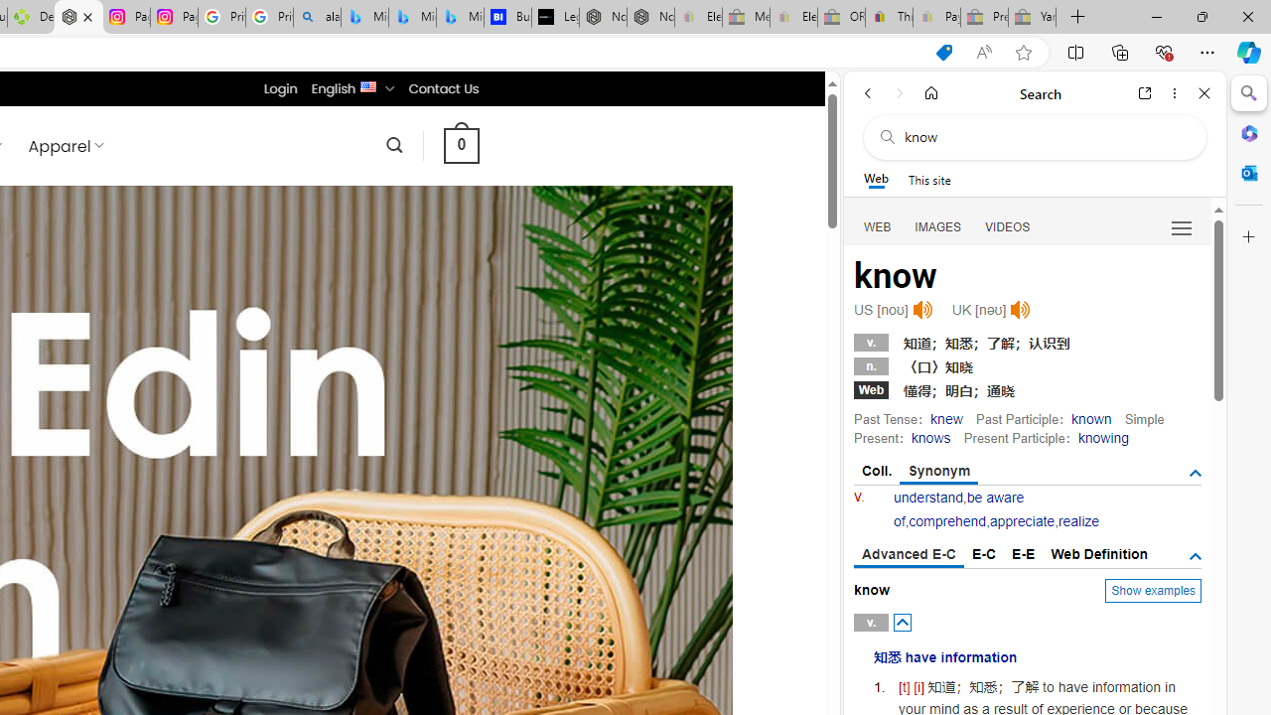 Image resolution: width=1271 pixels, height=715 pixels. I want to click on 'realize', so click(1077, 520).